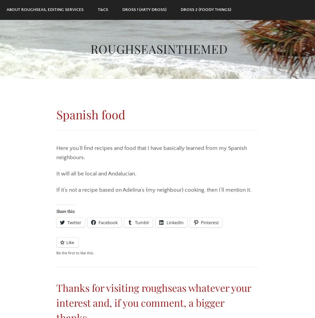 This screenshot has width=315, height=318. What do you see at coordinates (166, 222) in the screenshot?
I see `'LinkedIn'` at bounding box center [166, 222].